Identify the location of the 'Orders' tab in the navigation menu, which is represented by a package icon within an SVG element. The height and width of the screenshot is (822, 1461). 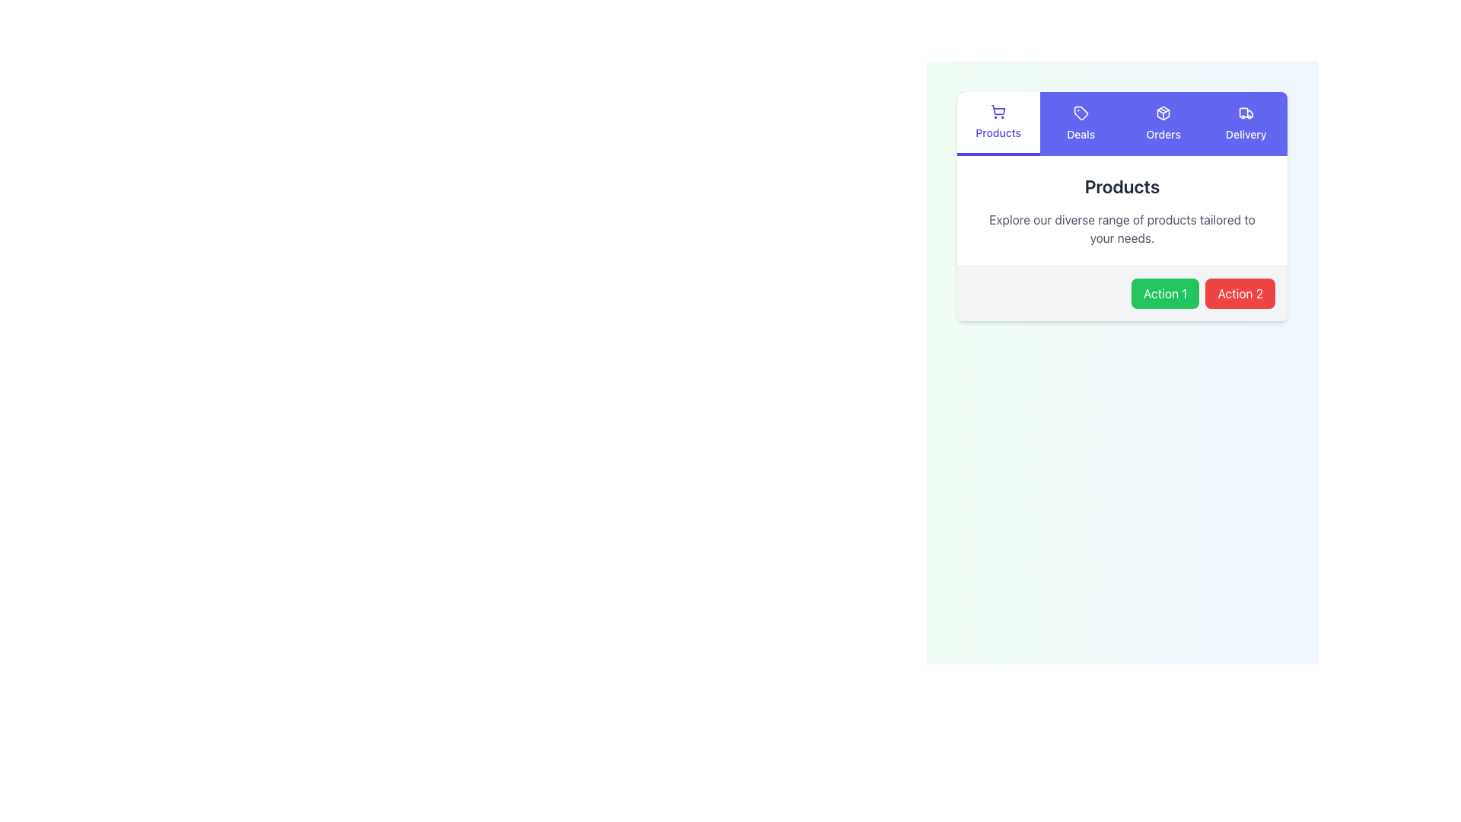
(1163, 113).